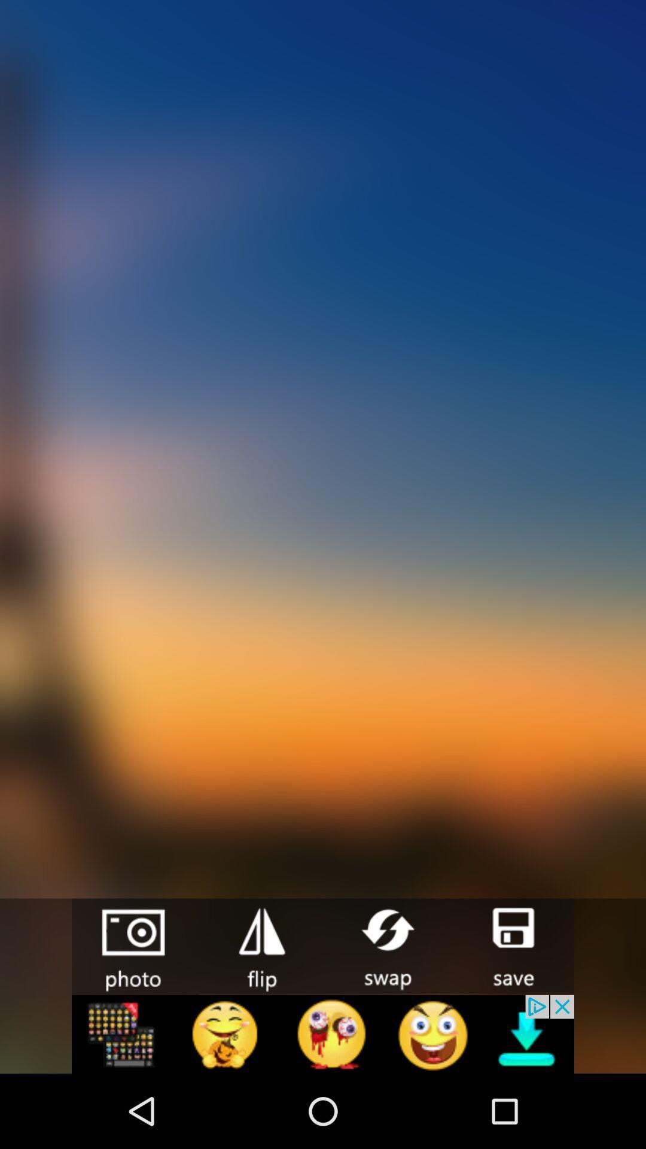 This screenshot has height=1149, width=646. What do you see at coordinates (511, 945) in the screenshot?
I see `image/file` at bounding box center [511, 945].